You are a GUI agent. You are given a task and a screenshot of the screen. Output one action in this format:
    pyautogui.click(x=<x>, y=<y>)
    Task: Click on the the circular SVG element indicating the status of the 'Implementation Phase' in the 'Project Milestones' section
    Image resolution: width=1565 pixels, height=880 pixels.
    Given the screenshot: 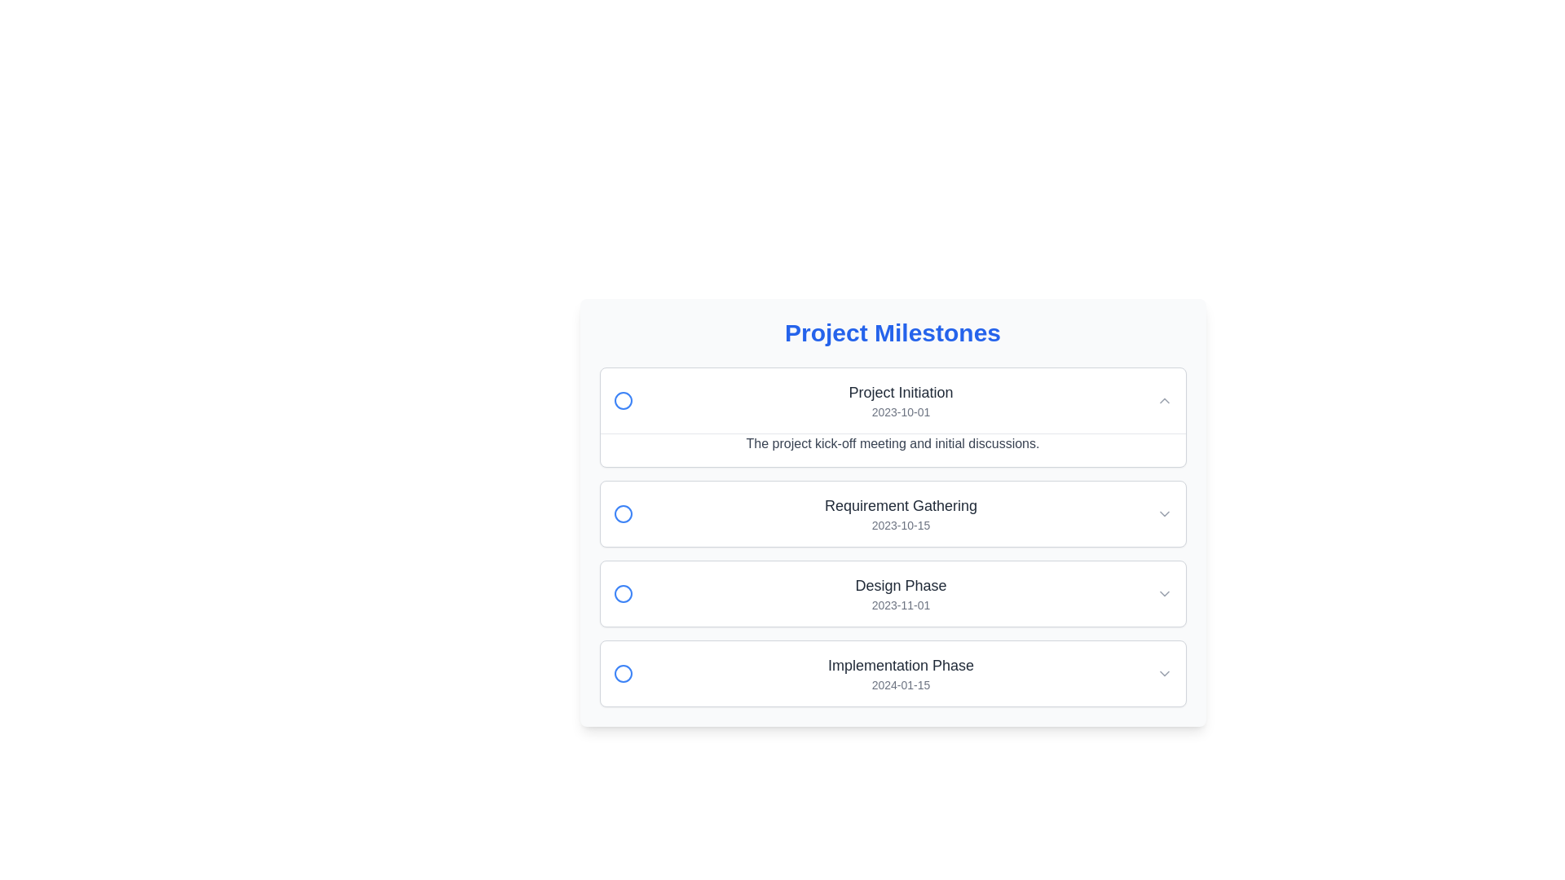 What is the action you would take?
    pyautogui.click(x=622, y=673)
    